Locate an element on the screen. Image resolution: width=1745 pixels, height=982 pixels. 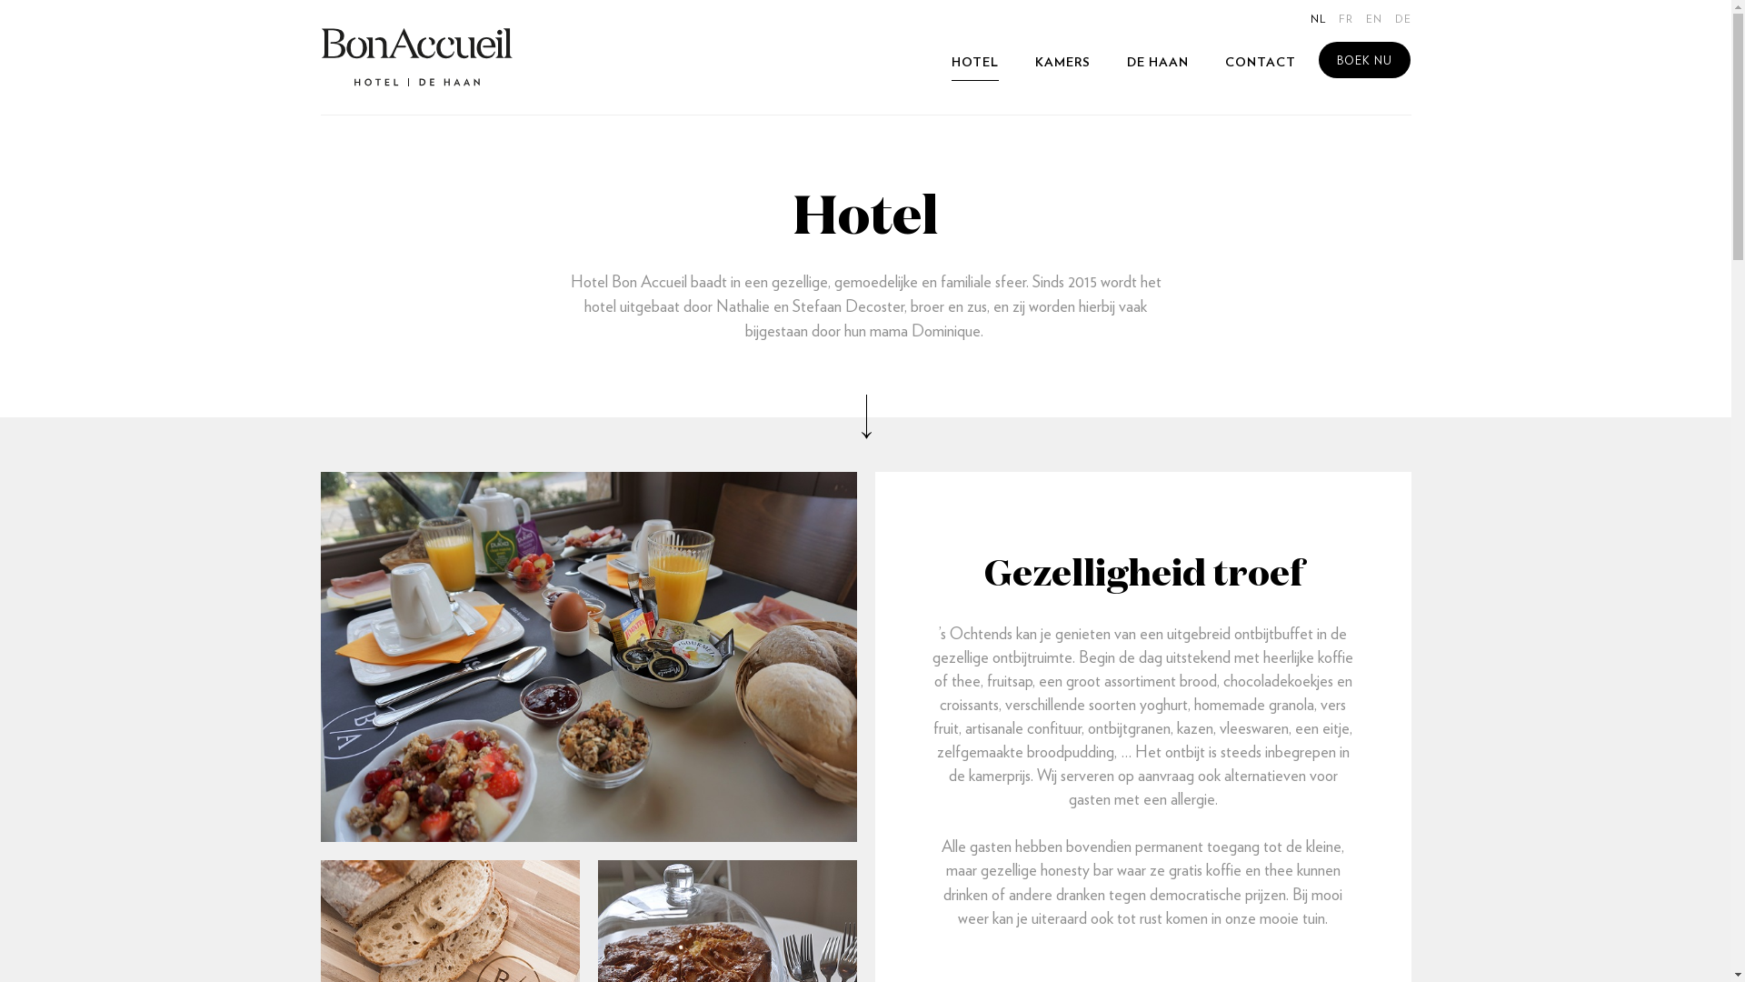
'BOEK NU' is located at coordinates (1317, 58).